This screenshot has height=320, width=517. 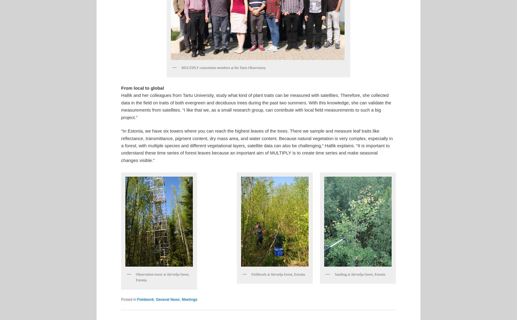 What do you see at coordinates (360, 274) in the screenshot?
I see `'Samling at Järvselja forest, Estonia'` at bounding box center [360, 274].